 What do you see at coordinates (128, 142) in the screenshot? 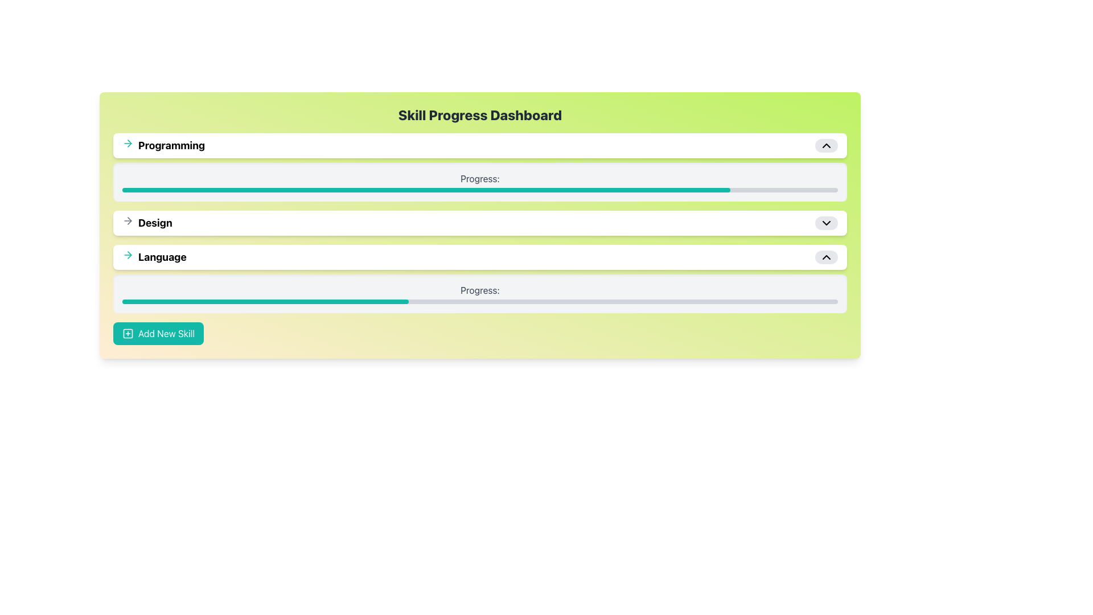
I see `the rightward-pointing teal arrow icon located to the left of the 'Programming' text in the header of the 'Programming' module in the 'Skill Progress Dashboard'` at bounding box center [128, 142].